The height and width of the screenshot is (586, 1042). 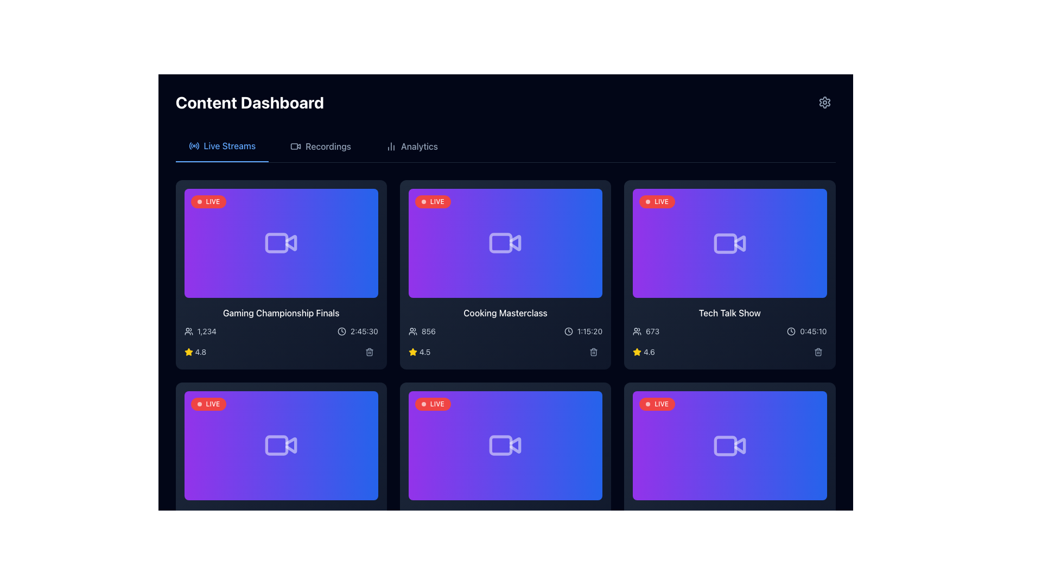 What do you see at coordinates (281, 243) in the screenshot?
I see `the video content icon located in the first card of the grid layout, centered below the 'LIVE' badge, for potential interaction` at bounding box center [281, 243].